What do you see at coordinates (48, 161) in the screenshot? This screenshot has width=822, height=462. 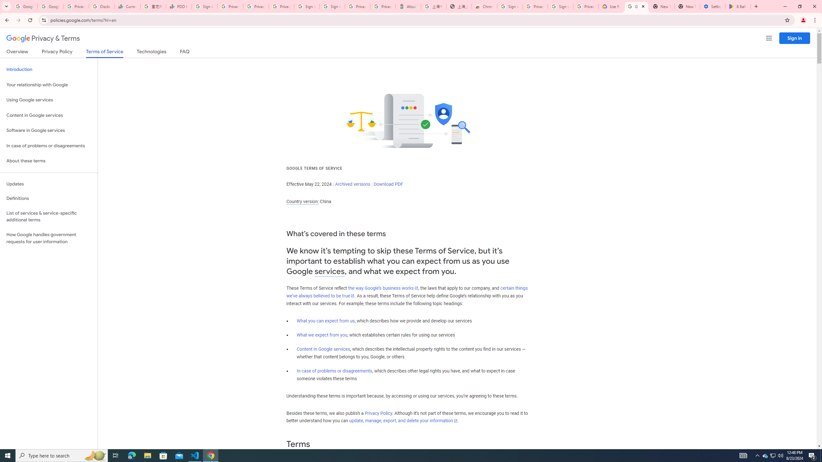 I see `'About these terms'` at bounding box center [48, 161].